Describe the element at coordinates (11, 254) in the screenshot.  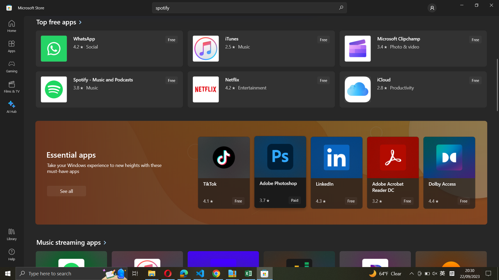
I see `Activate Help Feature` at that location.